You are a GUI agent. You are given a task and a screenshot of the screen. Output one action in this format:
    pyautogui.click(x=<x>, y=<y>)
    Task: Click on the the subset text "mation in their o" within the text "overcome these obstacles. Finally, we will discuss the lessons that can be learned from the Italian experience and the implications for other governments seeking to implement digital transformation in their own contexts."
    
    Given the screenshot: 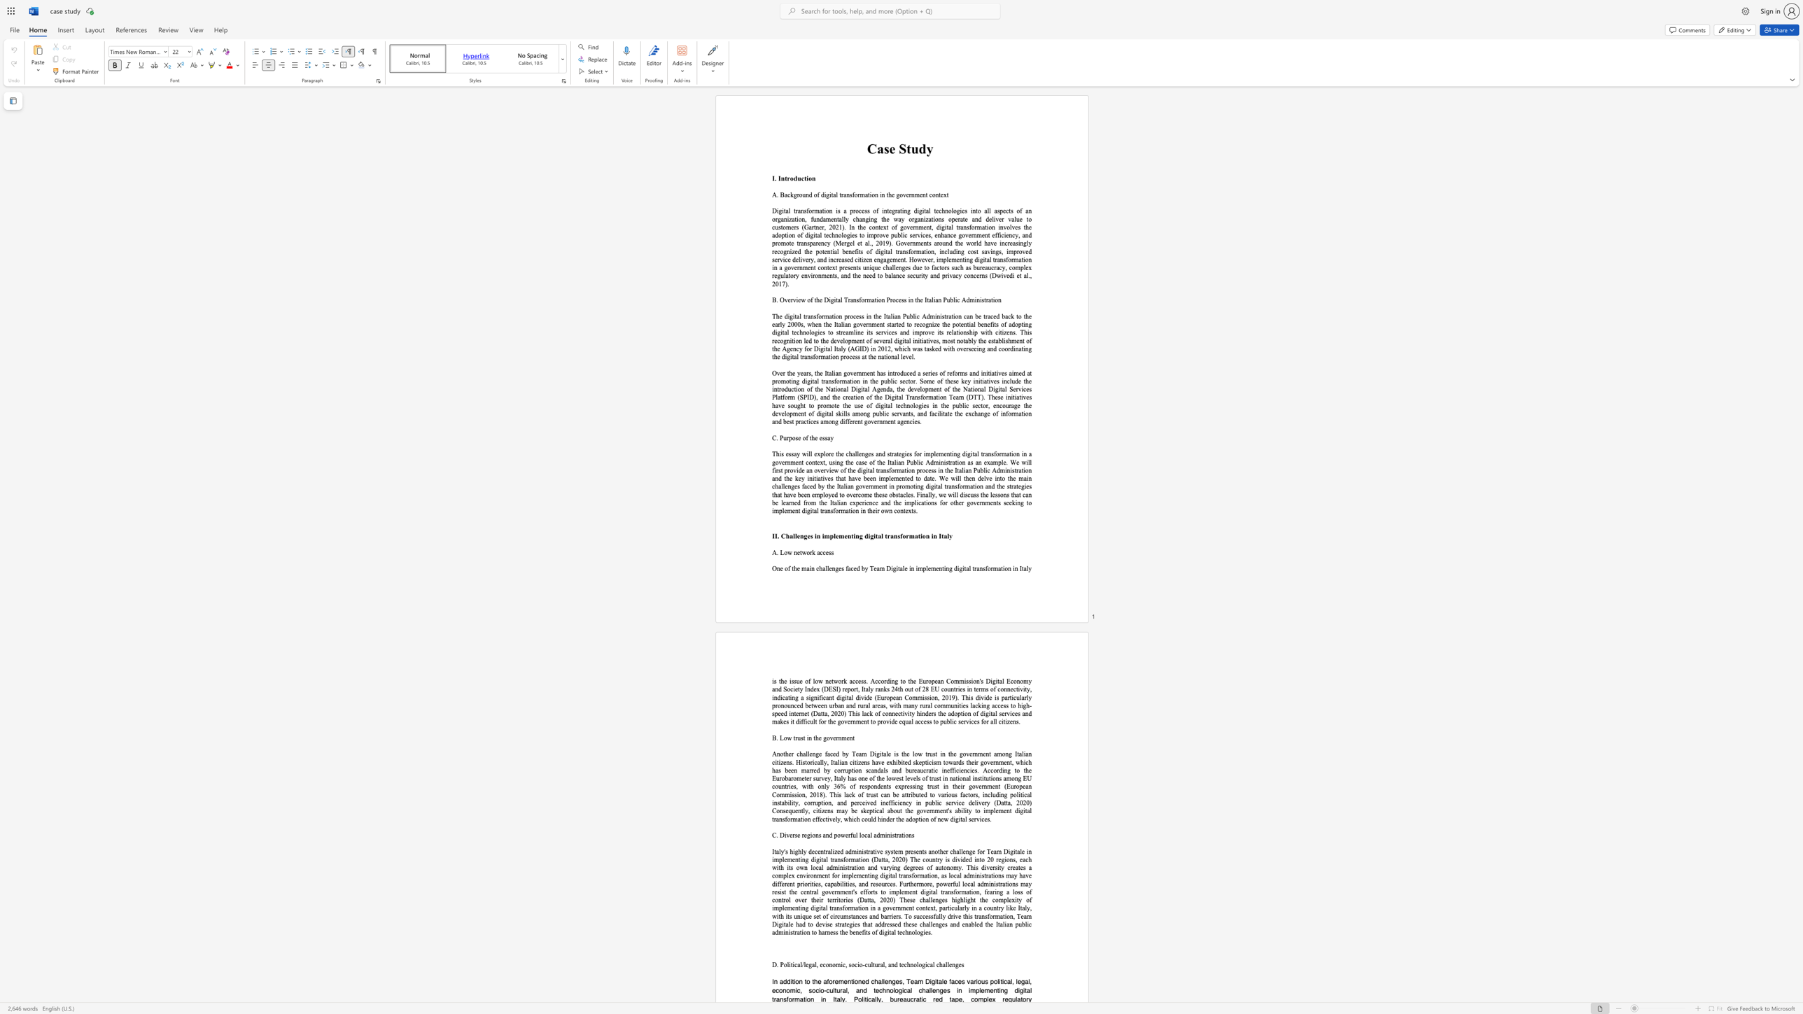 What is the action you would take?
    pyautogui.click(x=840, y=510)
    